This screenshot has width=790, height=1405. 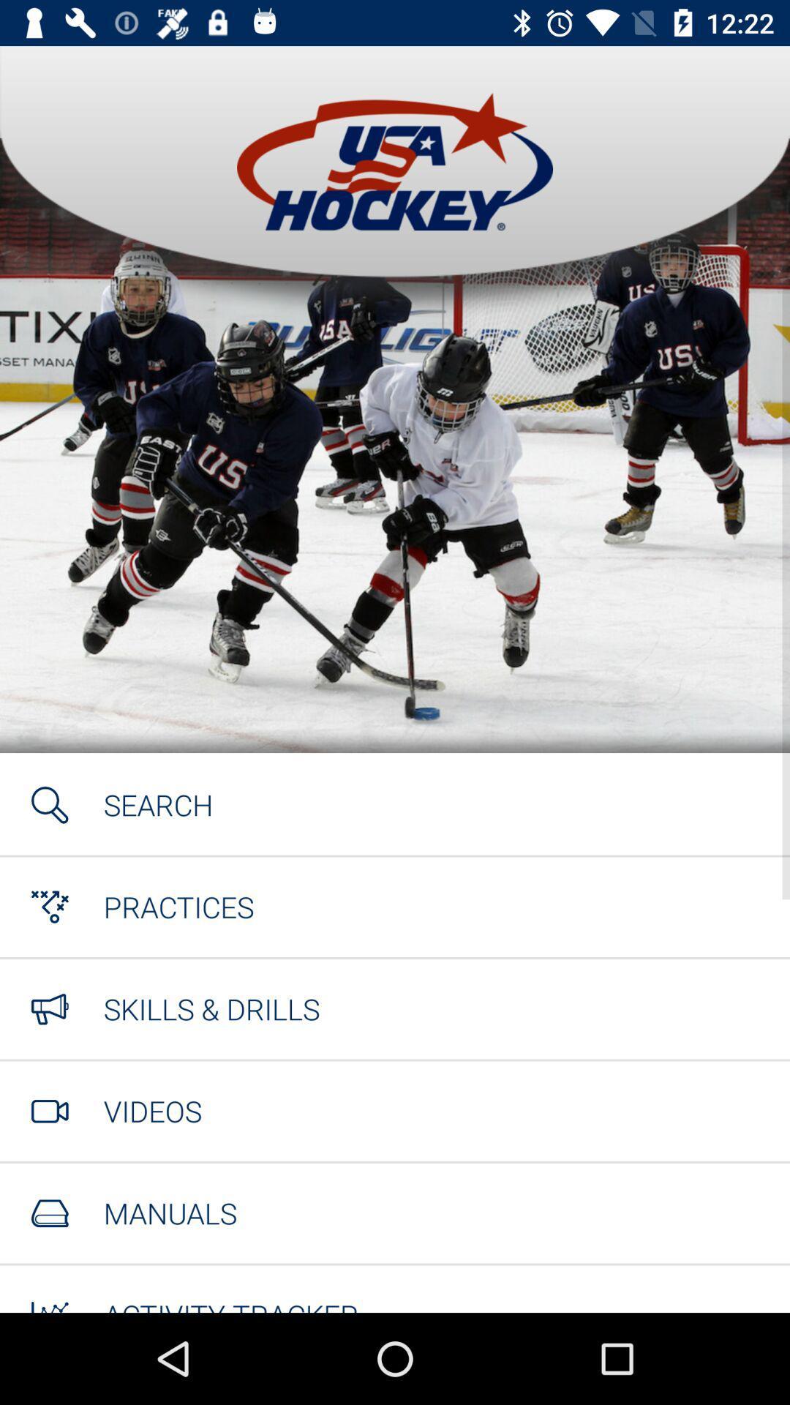 What do you see at coordinates (158, 803) in the screenshot?
I see `the search item` at bounding box center [158, 803].